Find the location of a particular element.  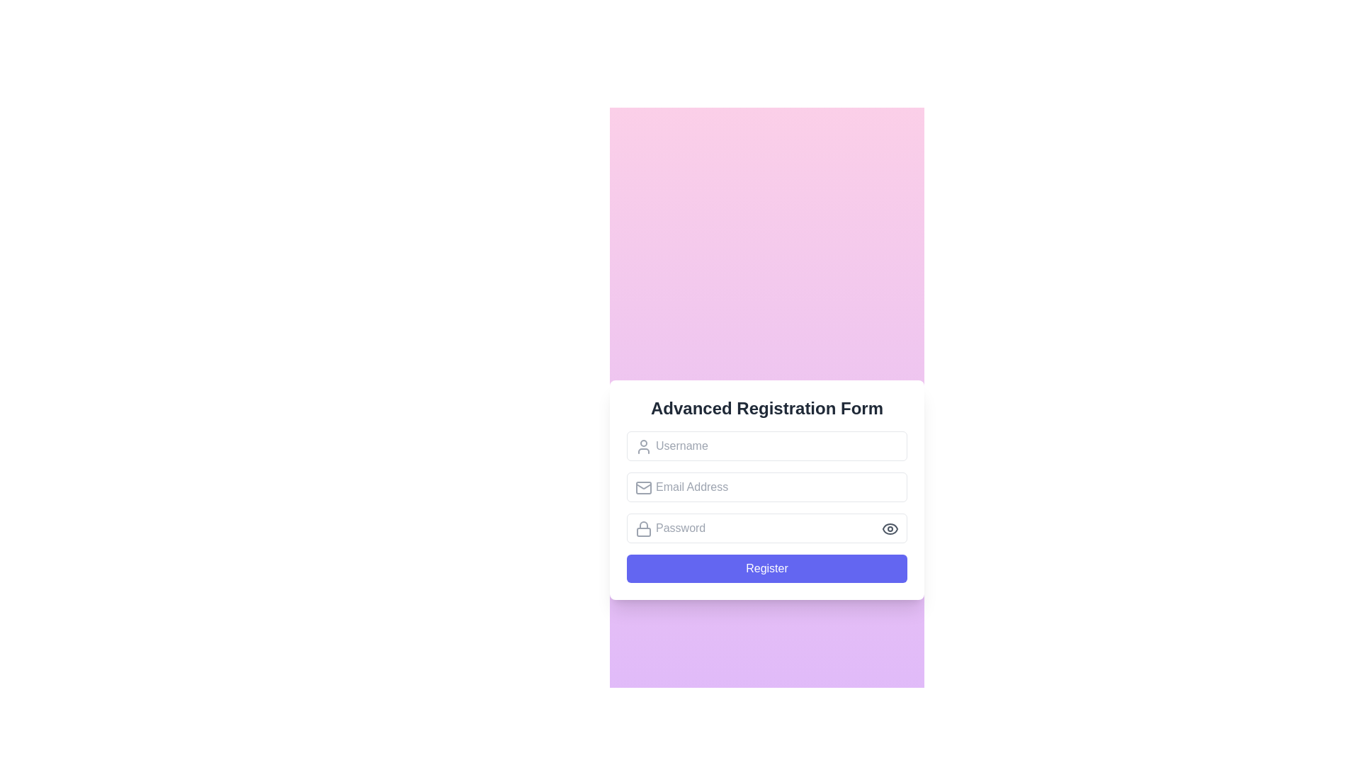

the email input field icon, which is located at the upper left corner of the input box used for entering an email address is located at coordinates (642, 487).